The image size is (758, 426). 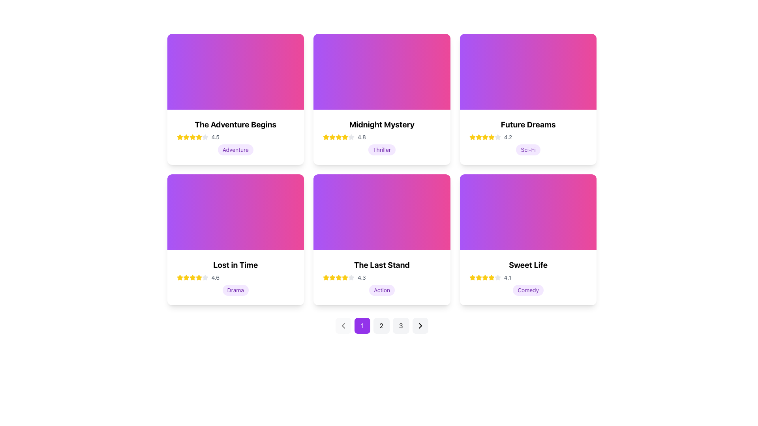 I want to click on the third yellow star icon in the rating system for the 'Future Dreams' movie review card, which represents a rating of 4.2, so click(x=478, y=136).